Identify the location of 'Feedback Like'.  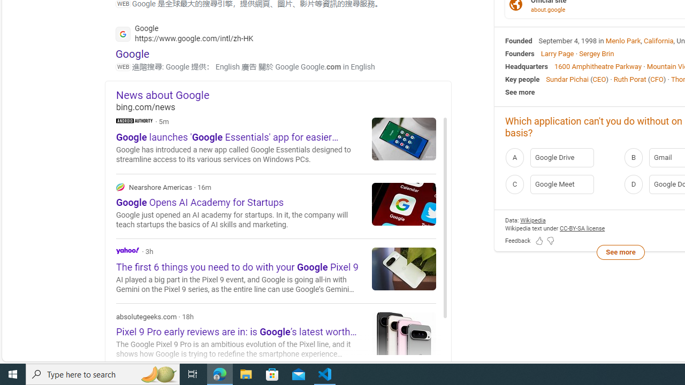
(539, 241).